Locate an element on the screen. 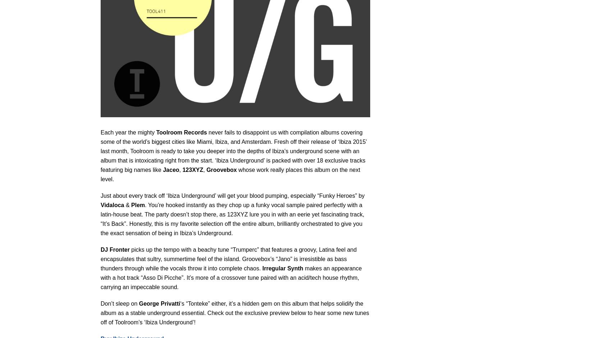 The height and width of the screenshot is (338, 611). 'DJ' is located at coordinates (104, 249).